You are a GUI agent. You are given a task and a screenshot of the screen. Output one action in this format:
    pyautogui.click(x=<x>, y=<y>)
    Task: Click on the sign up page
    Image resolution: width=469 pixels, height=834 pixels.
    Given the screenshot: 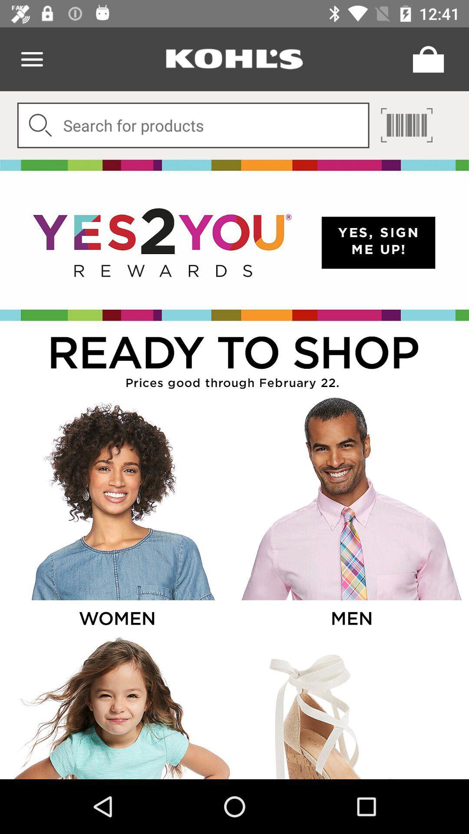 What is the action you would take?
    pyautogui.click(x=234, y=240)
    